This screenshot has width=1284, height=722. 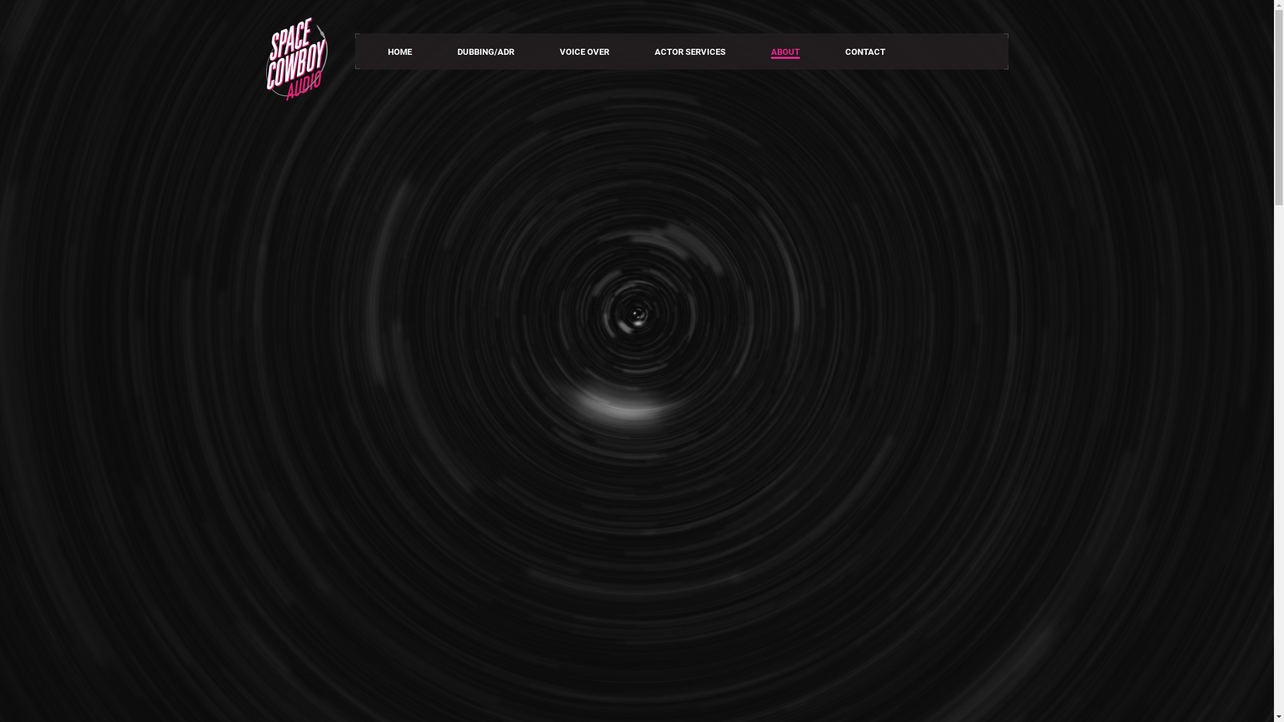 What do you see at coordinates (584, 51) in the screenshot?
I see `'VOICE OVER'` at bounding box center [584, 51].